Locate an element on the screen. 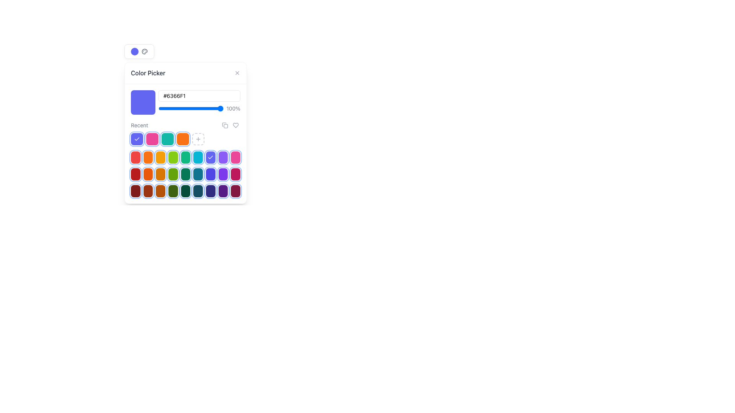 The image size is (735, 413). the paint palette icon located in the upper-left area of the interface, which is part of a small toolbar section adjacent to a circular color preview icon is located at coordinates (144, 52).